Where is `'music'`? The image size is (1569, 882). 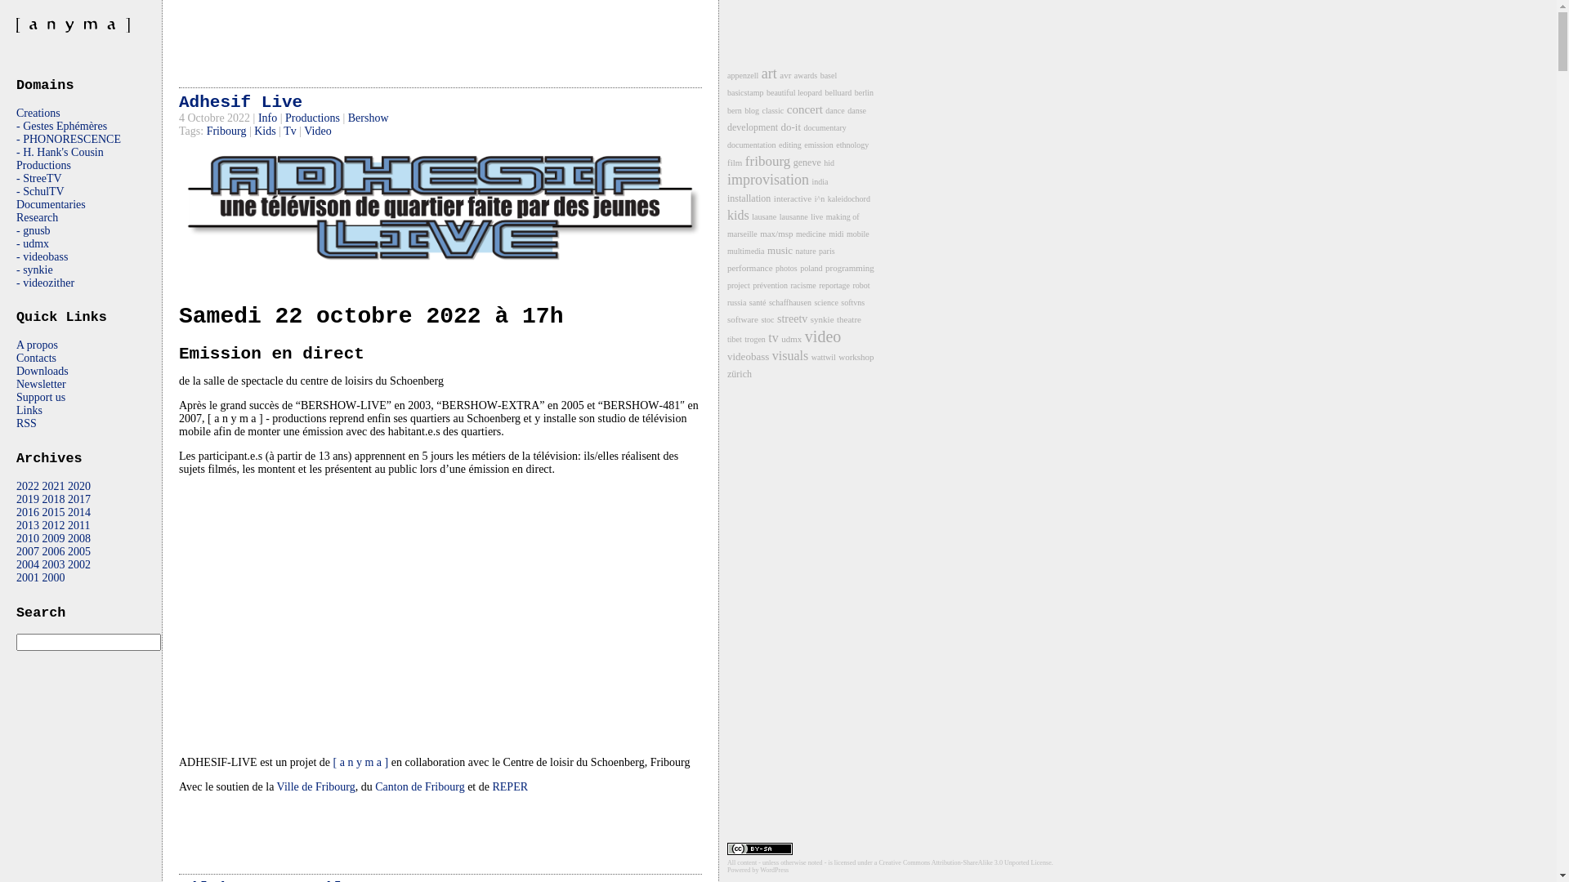 'music' is located at coordinates (779, 250).